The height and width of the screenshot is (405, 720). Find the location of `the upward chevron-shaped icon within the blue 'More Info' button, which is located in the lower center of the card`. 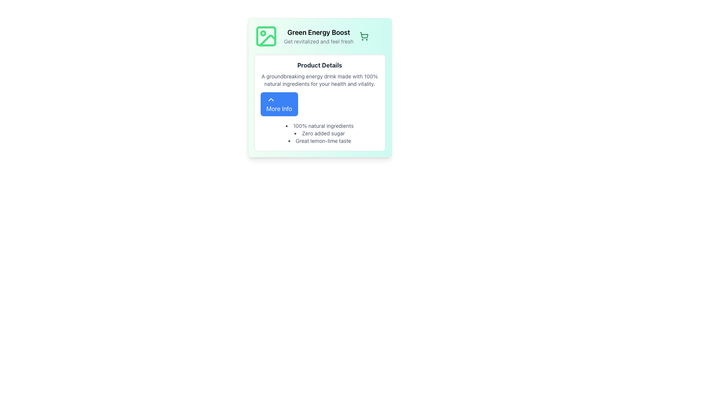

the upward chevron-shaped icon within the blue 'More Info' button, which is located in the lower center of the card is located at coordinates (270, 99).